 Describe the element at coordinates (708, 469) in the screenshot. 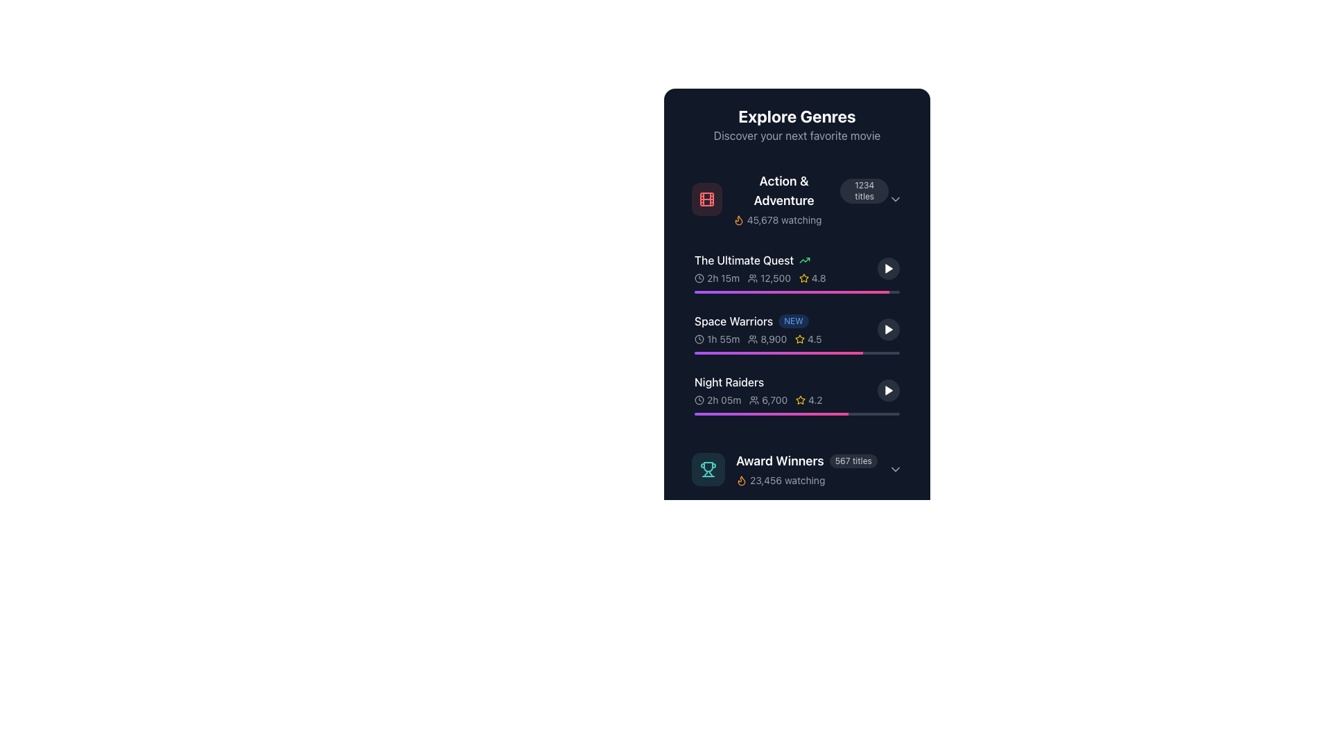

I see `the trophy icon in the 'Award Winners' section, which is visually represented with a light green trophy on a translucent darker circular background` at that location.